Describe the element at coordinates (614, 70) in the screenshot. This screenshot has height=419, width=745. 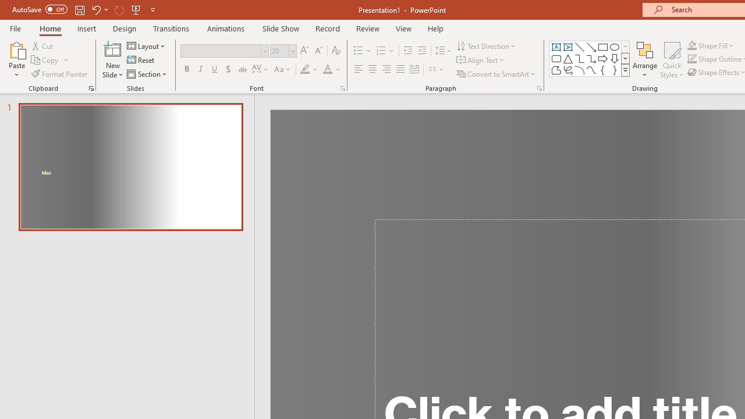
I see `'Right Brace'` at that location.